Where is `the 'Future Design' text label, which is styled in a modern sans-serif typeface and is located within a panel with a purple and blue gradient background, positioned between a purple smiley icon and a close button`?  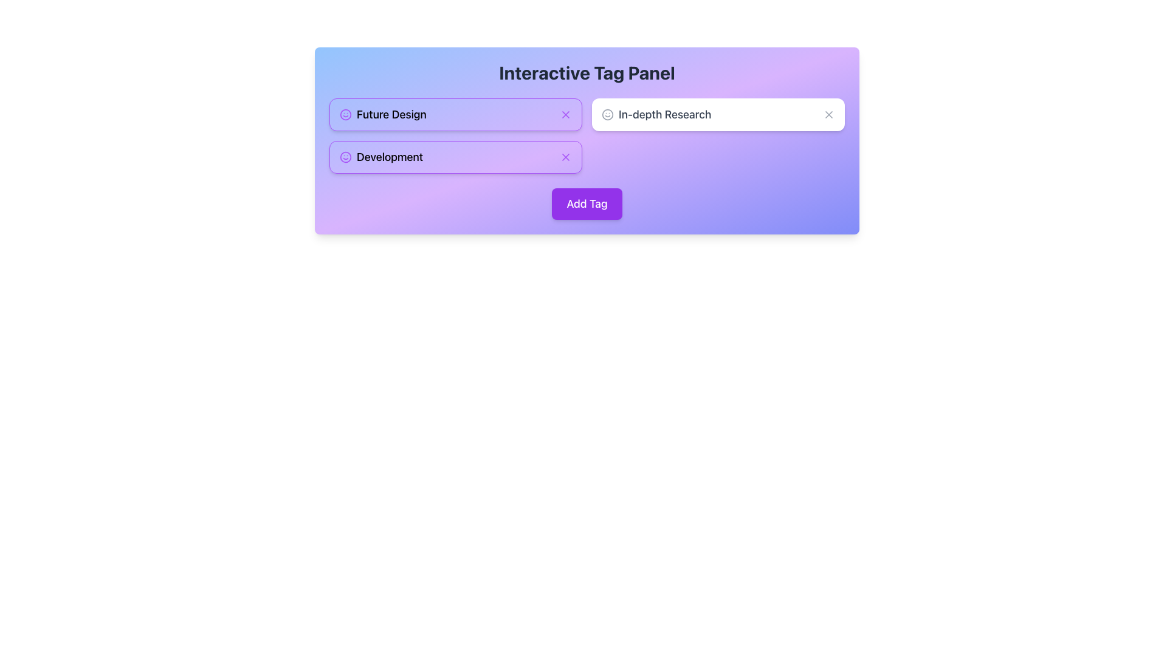 the 'Future Design' text label, which is styled in a modern sans-serif typeface and is located within a panel with a purple and blue gradient background, positioned between a purple smiley icon and a close button is located at coordinates (391, 115).